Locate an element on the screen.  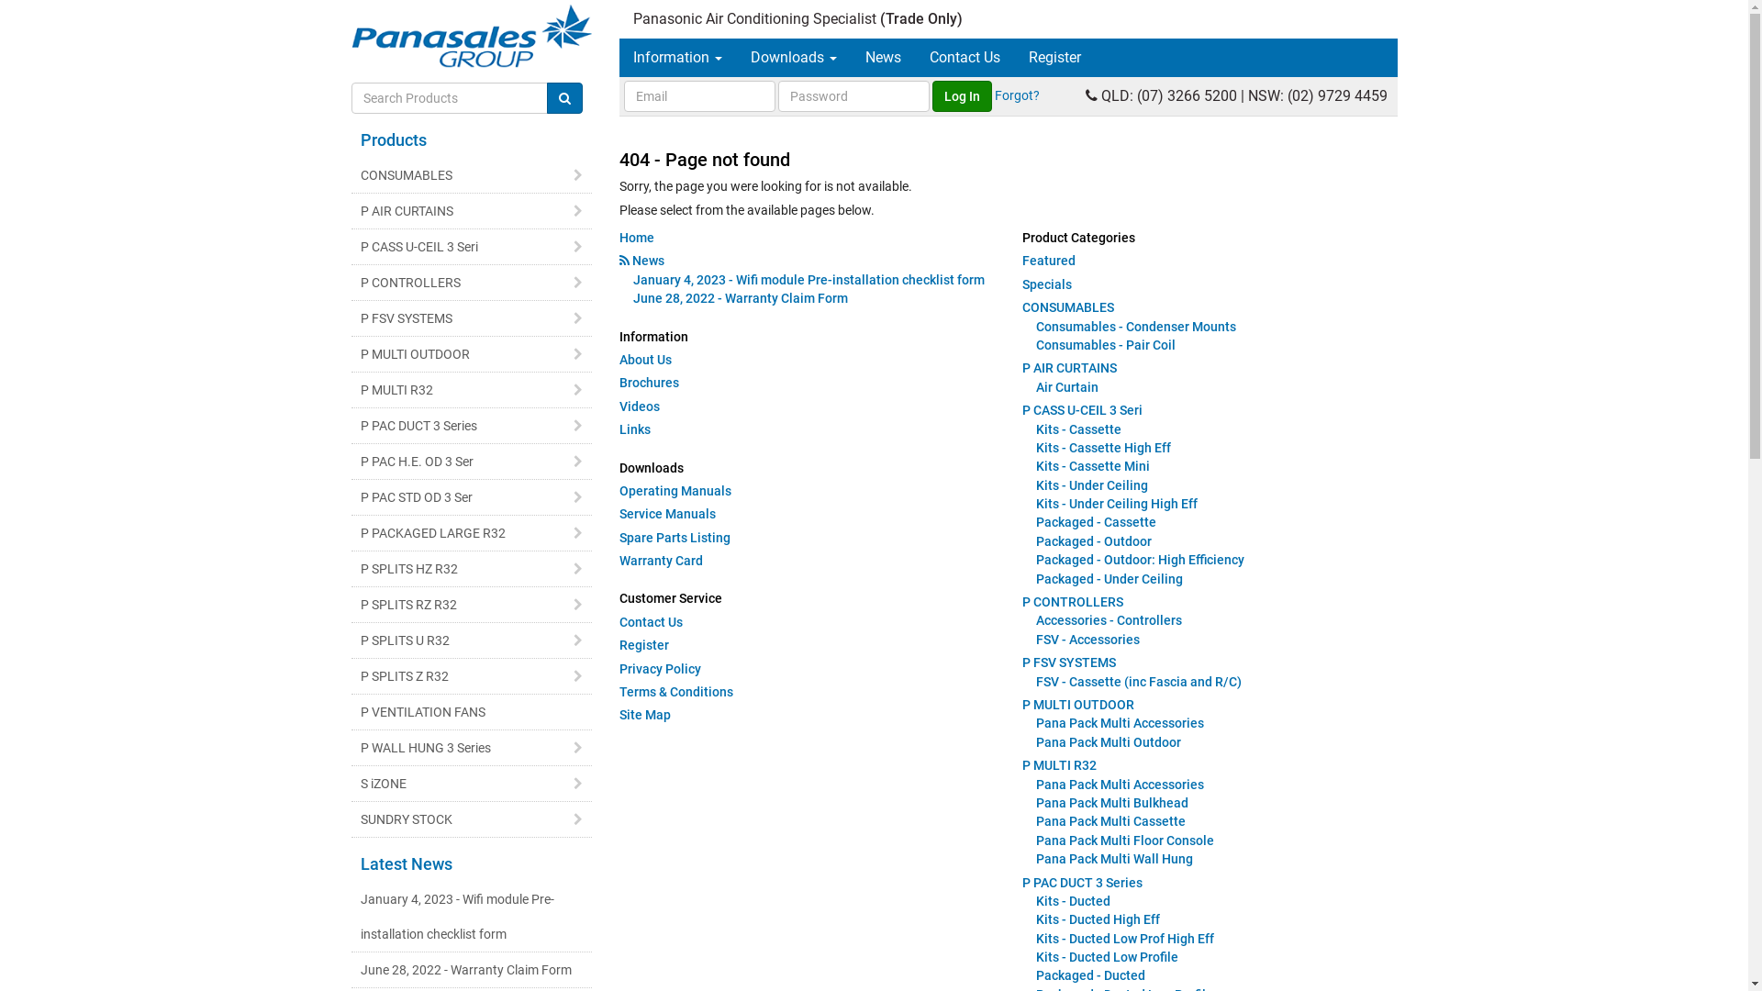
'Privacy Policy' is located at coordinates (660, 669).